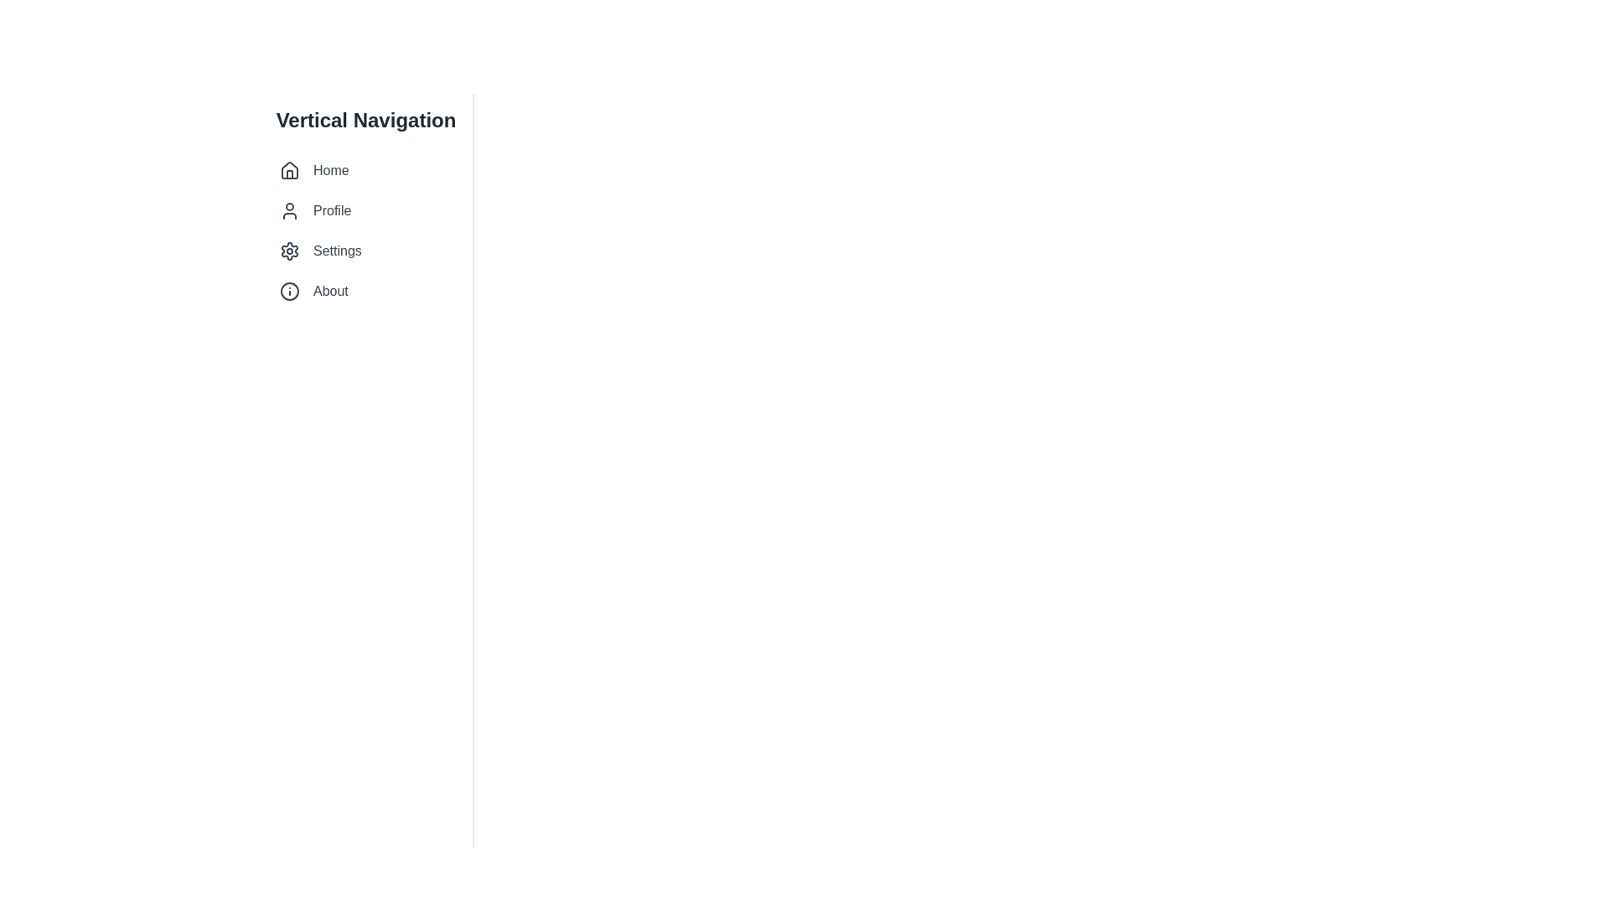 The image size is (1609, 905). Describe the element at coordinates (365, 290) in the screenshot. I see `the 'About' navigation button located in the vertical sidebar menu` at that location.